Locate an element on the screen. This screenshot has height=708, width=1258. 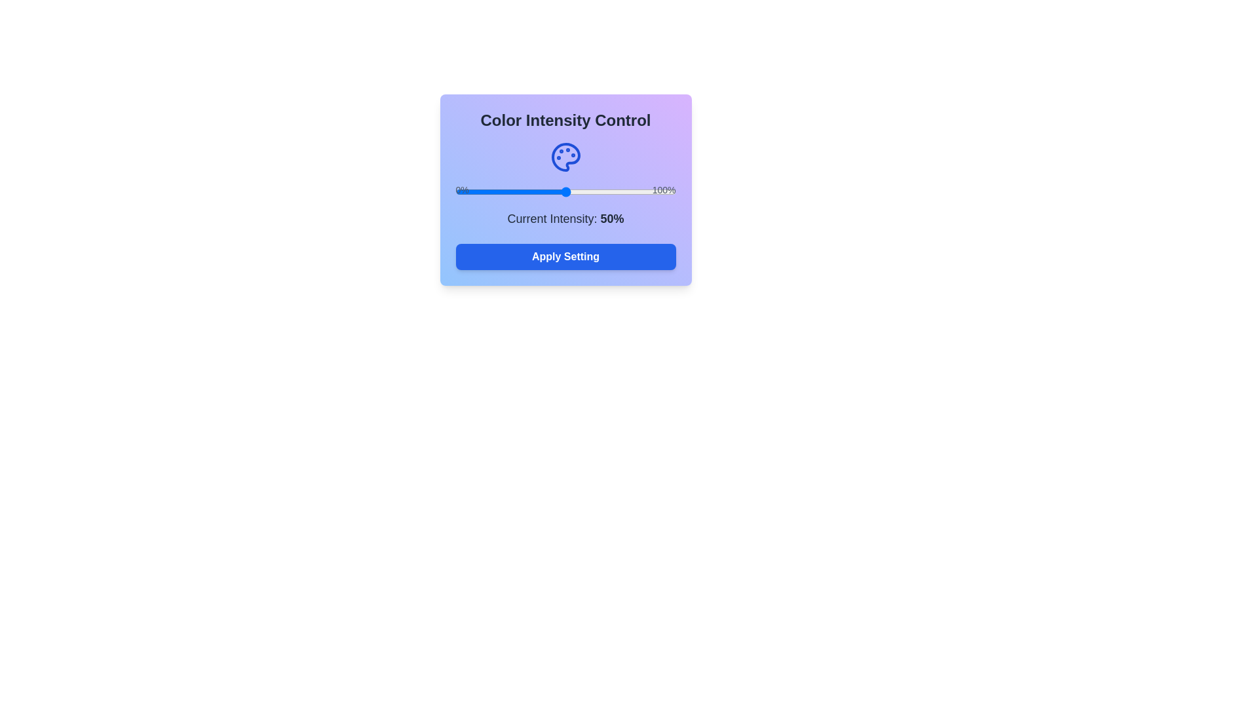
the slider to set the color intensity to 0% is located at coordinates (455, 192).